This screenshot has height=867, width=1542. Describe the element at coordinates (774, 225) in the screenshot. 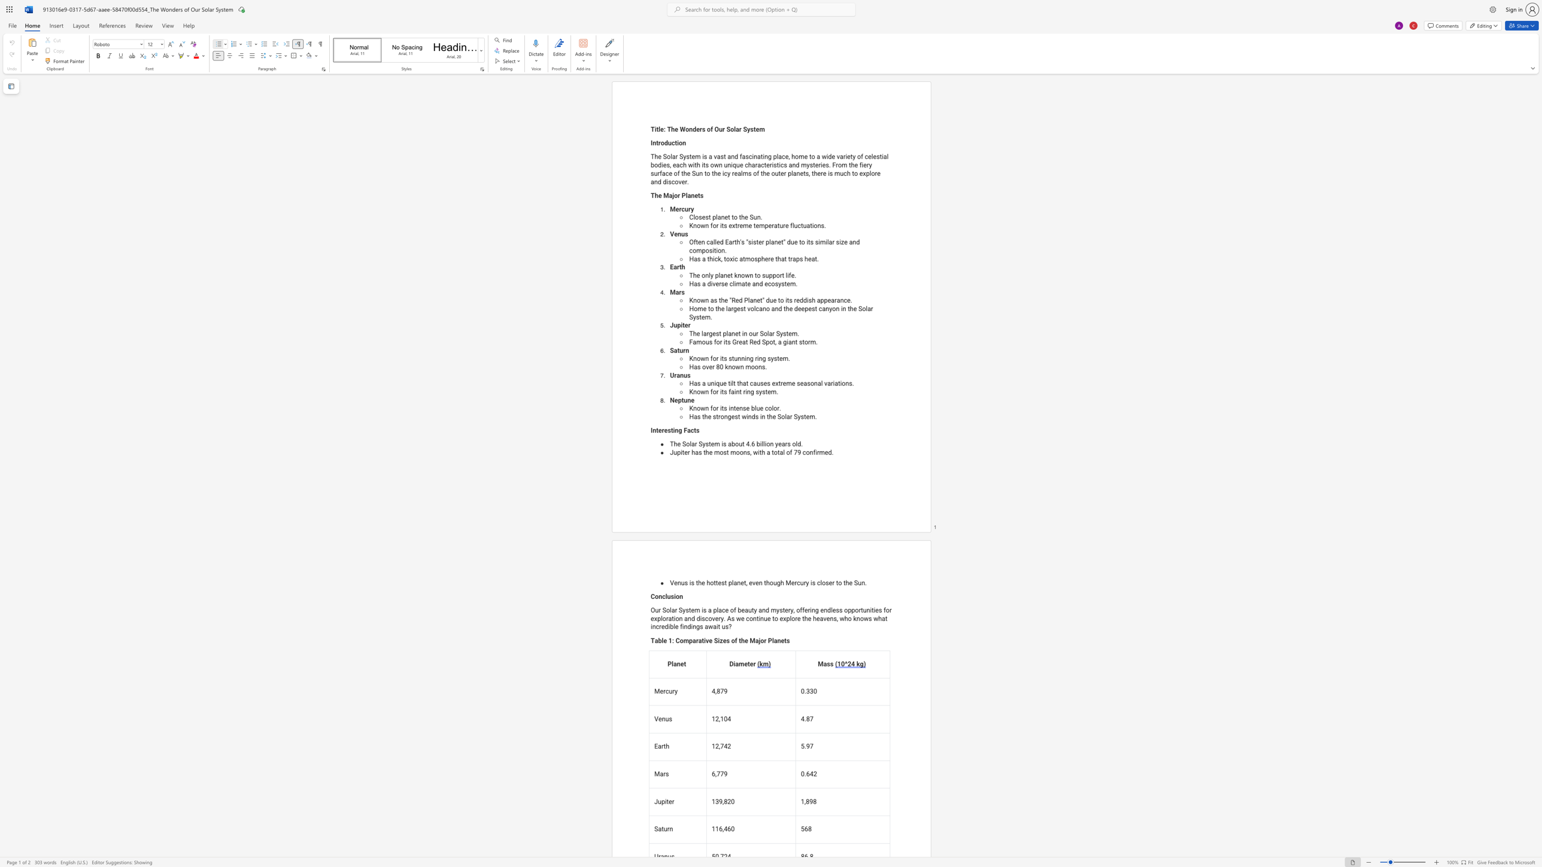

I see `the space between the continuous character "r" and "a" in the text` at that location.